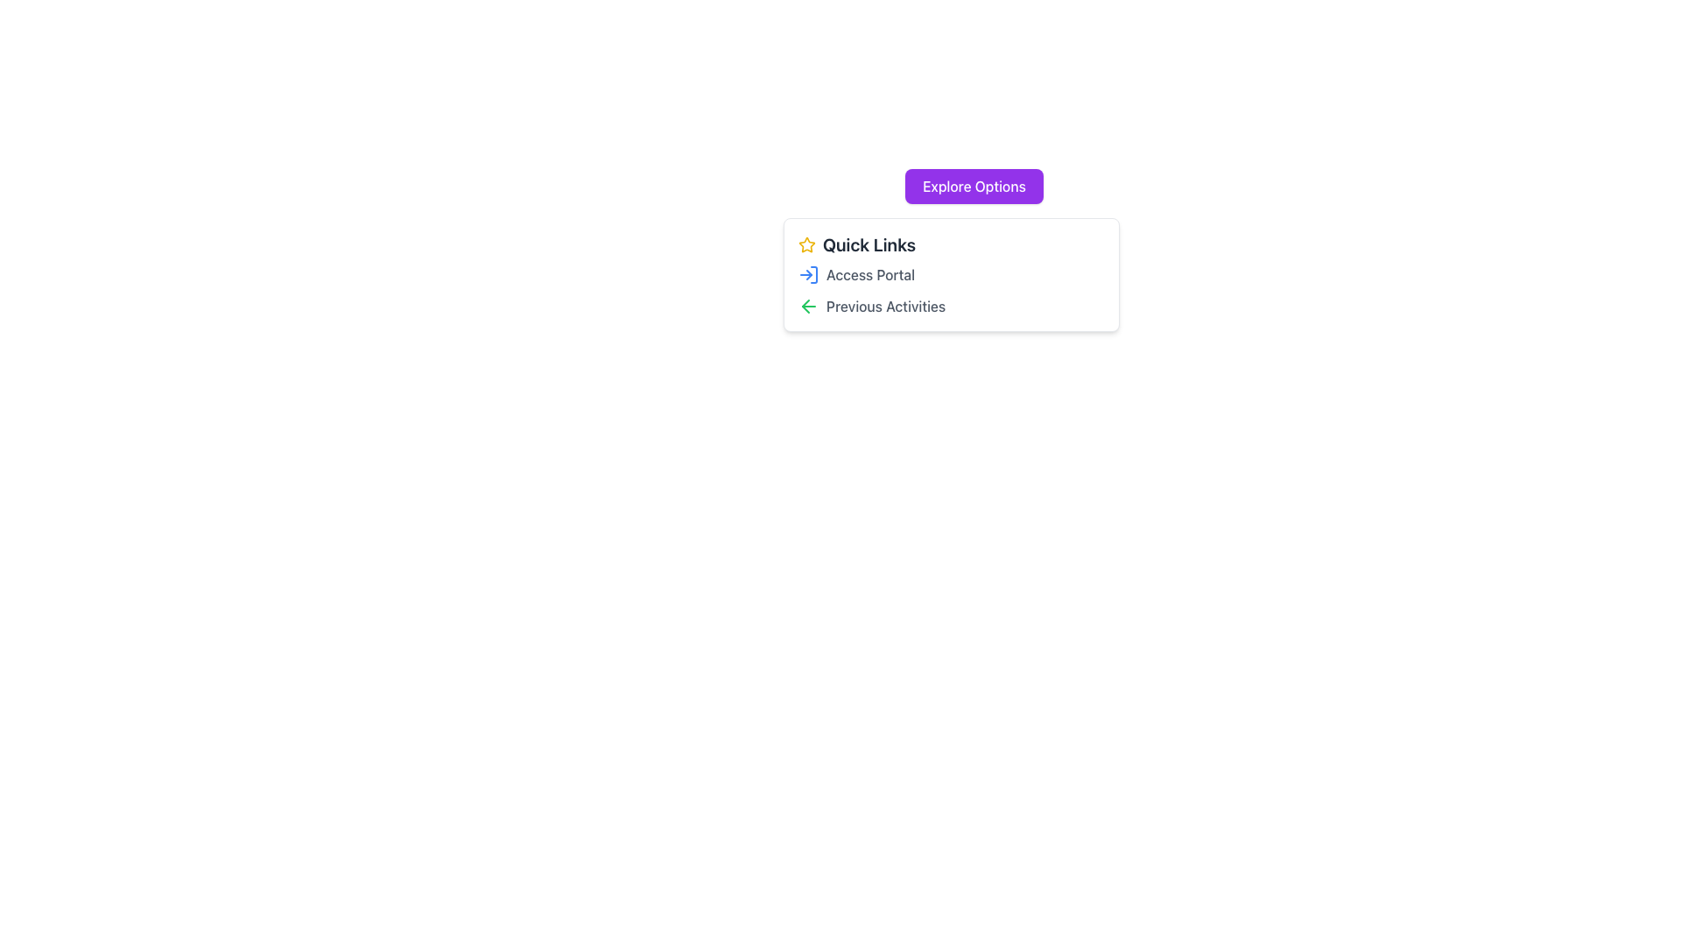 This screenshot has width=1681, height=946. What do you see at coordinates (886, 306) in the screenshot?
I see `the 'Previous Activities' hyperlink in the 'Quick Links' menu` at bounding box center [886, 306].